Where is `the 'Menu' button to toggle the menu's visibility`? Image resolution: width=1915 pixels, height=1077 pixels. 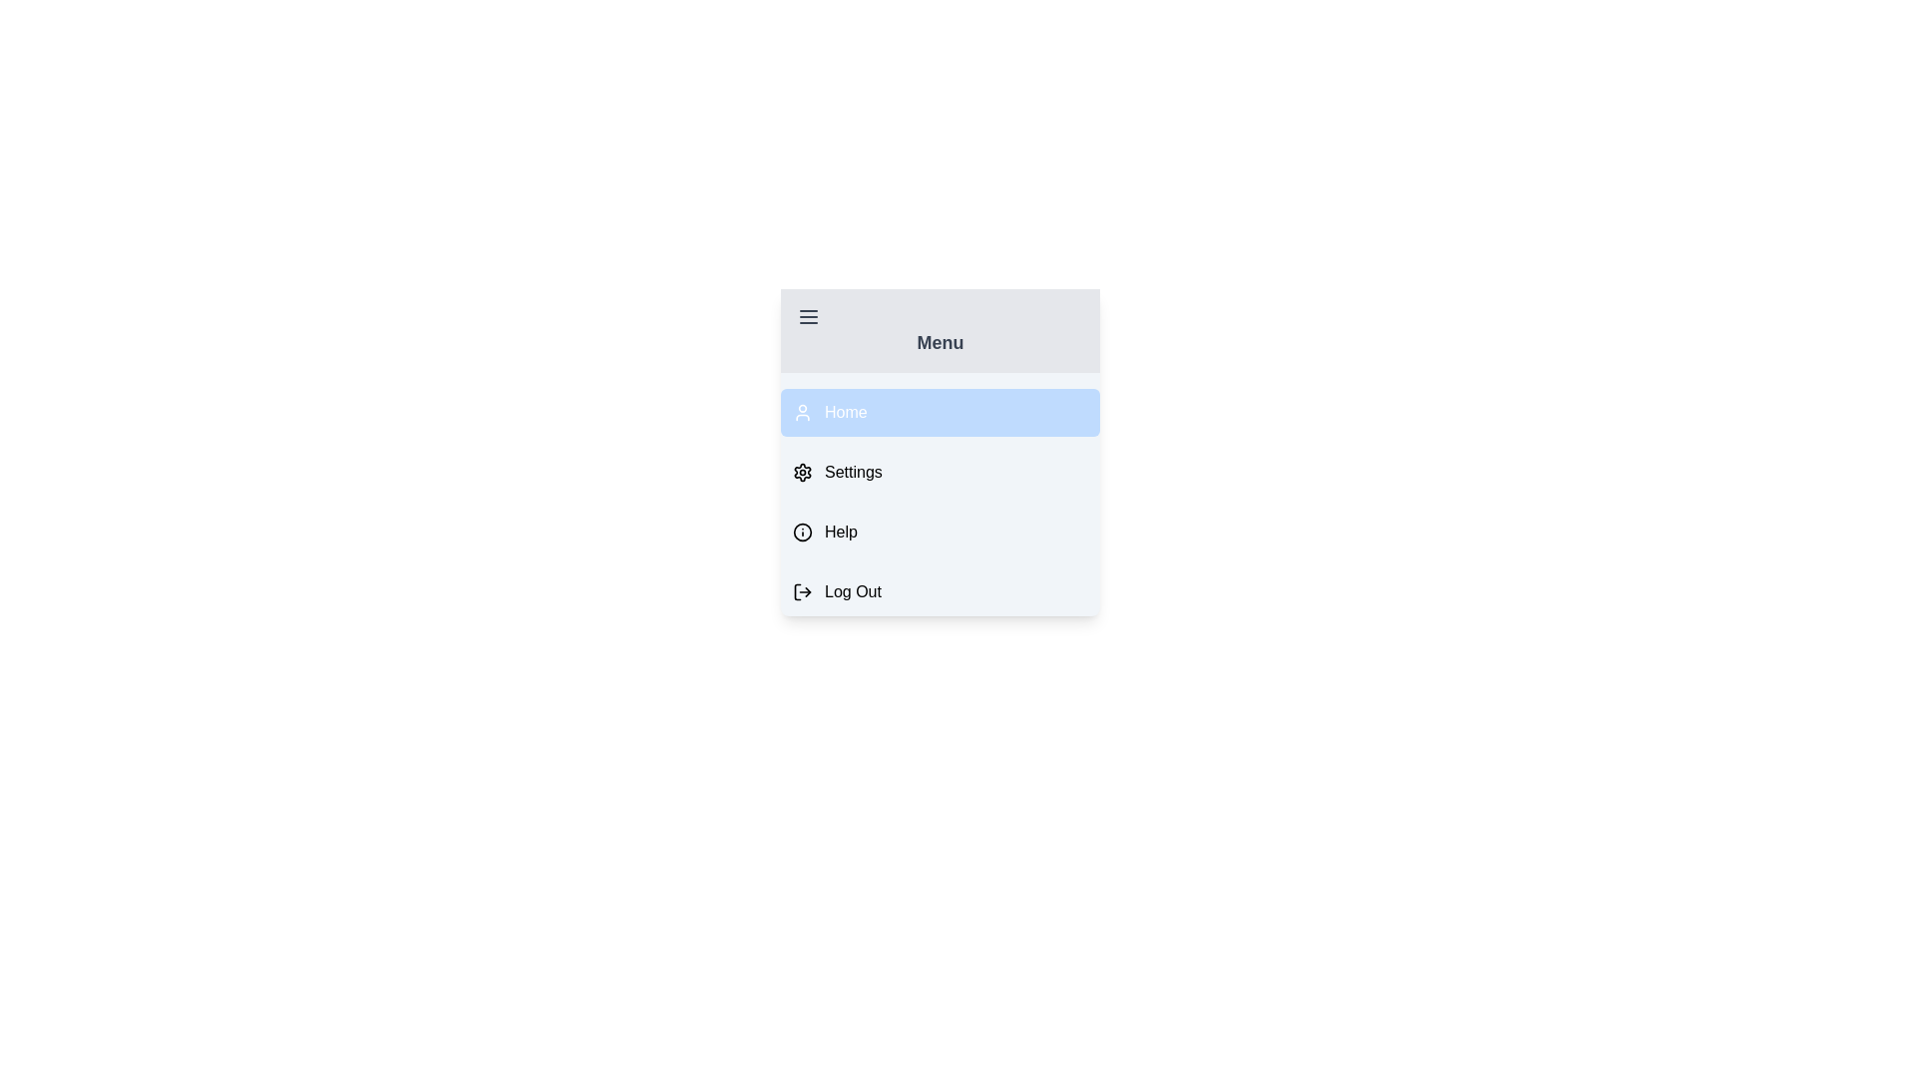
the 'Menu' button to toggle the menu's visibility is located at coordinates (939, 329).